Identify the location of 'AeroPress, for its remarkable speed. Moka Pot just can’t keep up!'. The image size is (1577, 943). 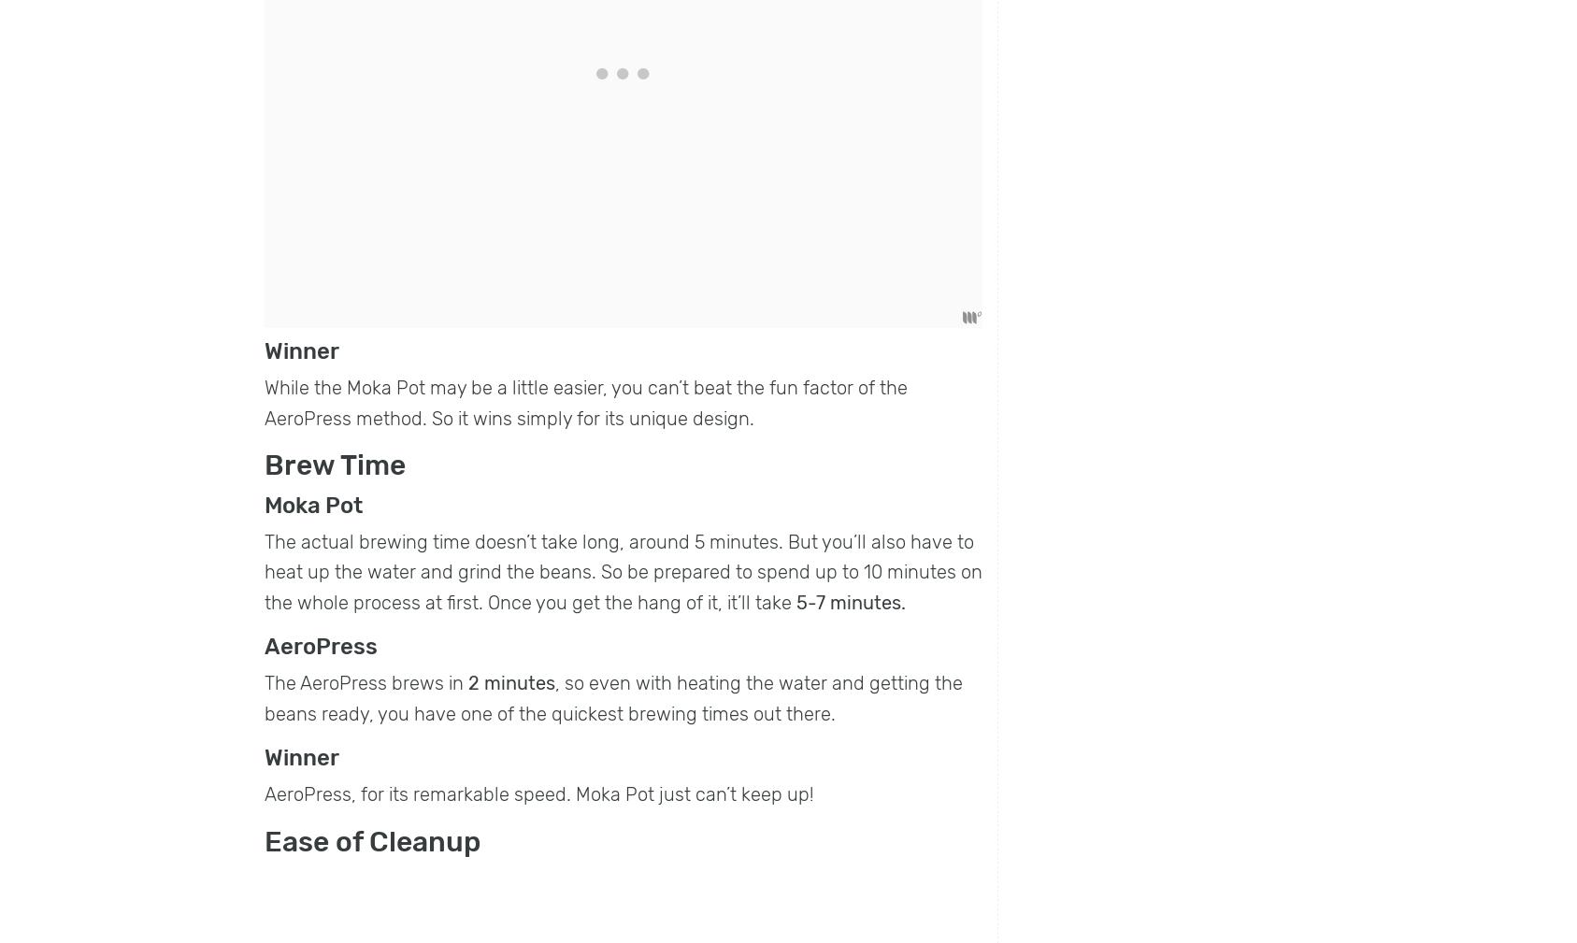
(538, 793).